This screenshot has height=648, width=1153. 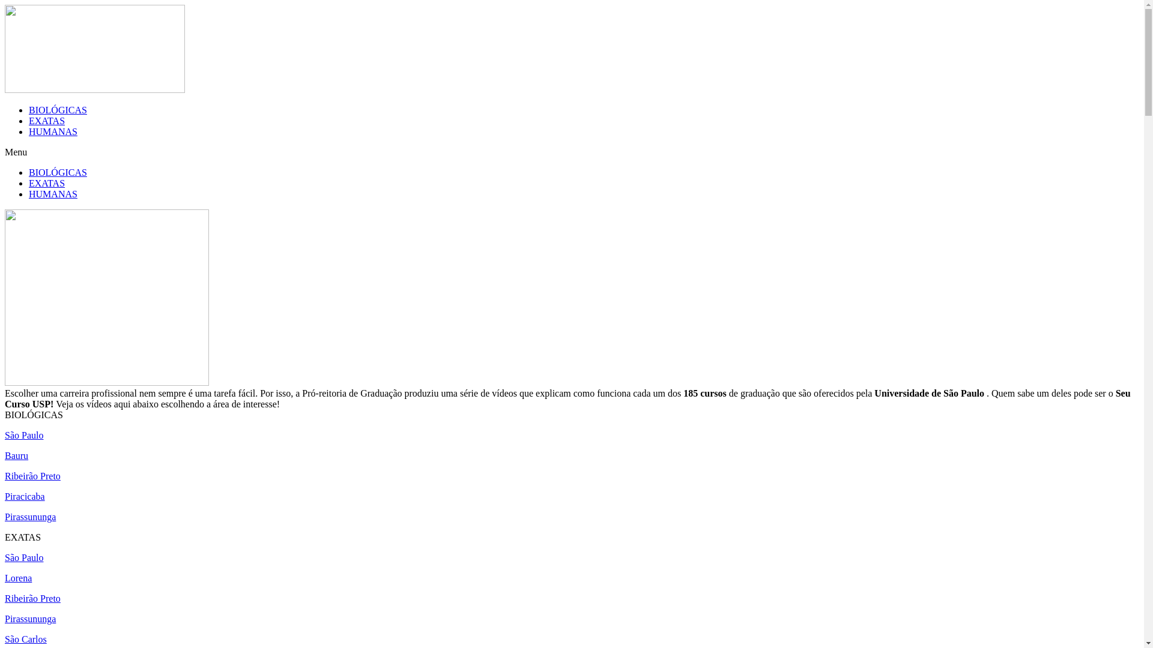 What do you see at coordinates (18, 577) in the screenshot?
I see `'Lorena'` at bounding box center [18, 577].